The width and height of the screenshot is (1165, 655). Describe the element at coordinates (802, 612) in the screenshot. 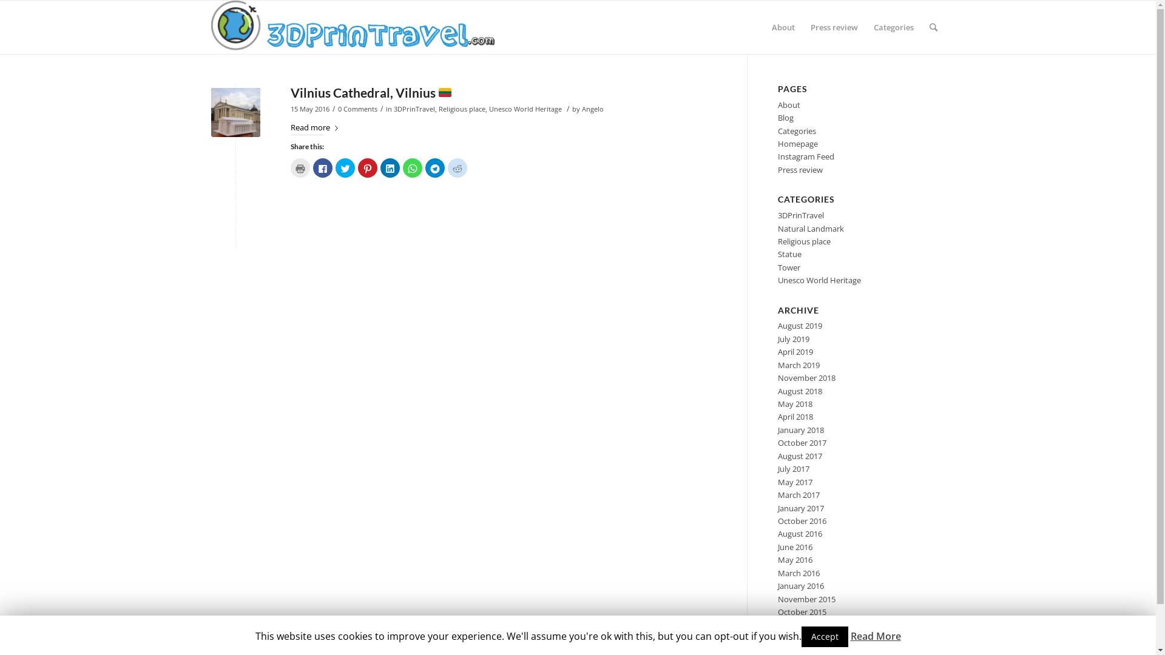

I see `'October 2015'` at that location.